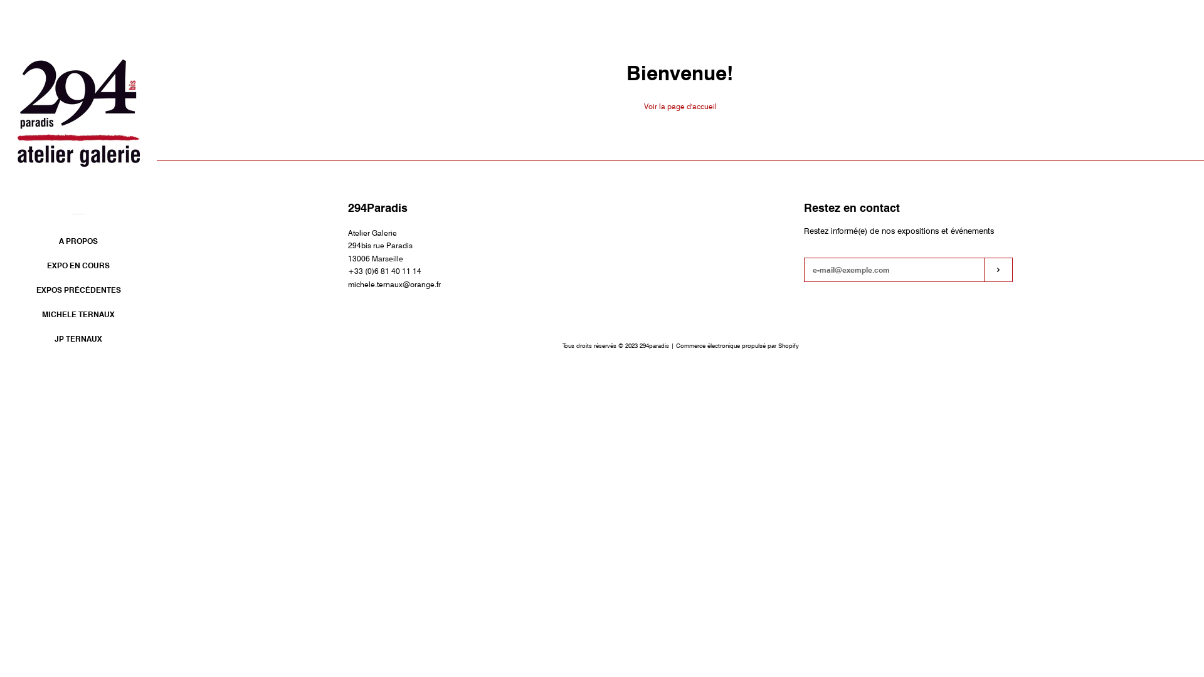  What do you see at coordinates (653, 345) in the screenshot?
I see `'294paradis'` at bounding box center [653, 345].